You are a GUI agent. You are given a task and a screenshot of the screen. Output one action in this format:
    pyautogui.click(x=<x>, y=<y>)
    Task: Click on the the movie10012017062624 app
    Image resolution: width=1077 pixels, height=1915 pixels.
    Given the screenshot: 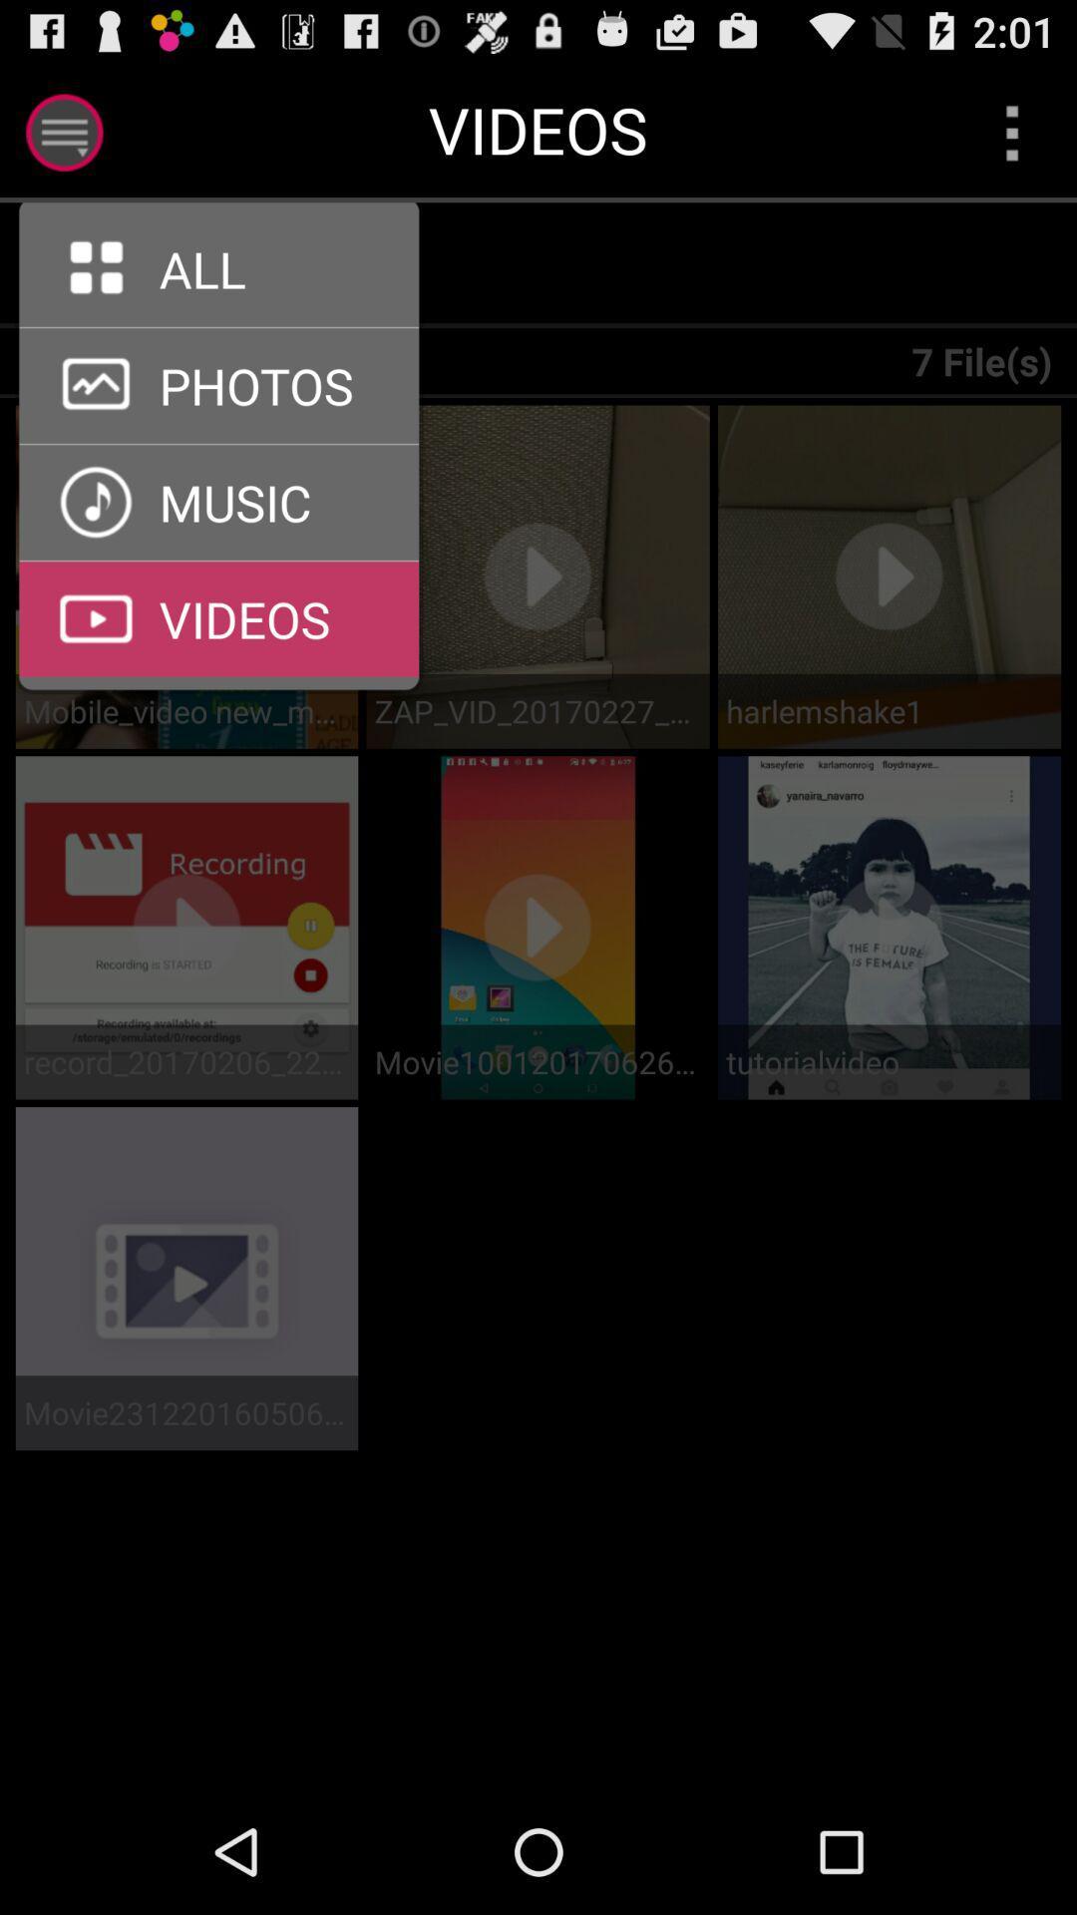 What is the action you would take?
    pyautogui.click(x=537, y=1061)
    